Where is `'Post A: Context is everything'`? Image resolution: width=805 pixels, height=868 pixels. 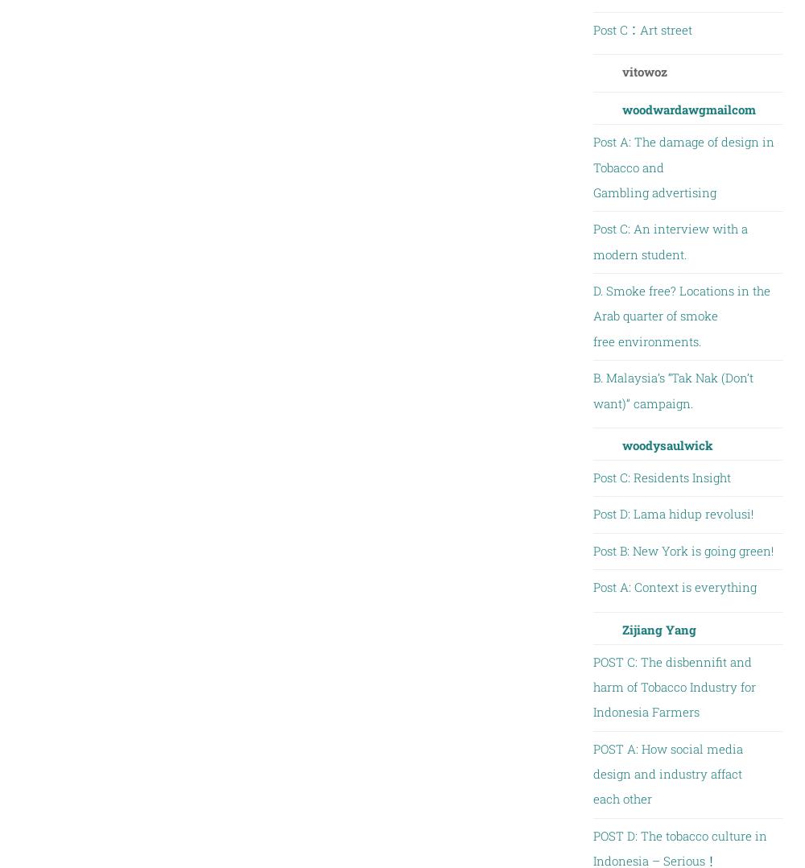 'Post A: Context is everything' is located at coordinates (673, 586).